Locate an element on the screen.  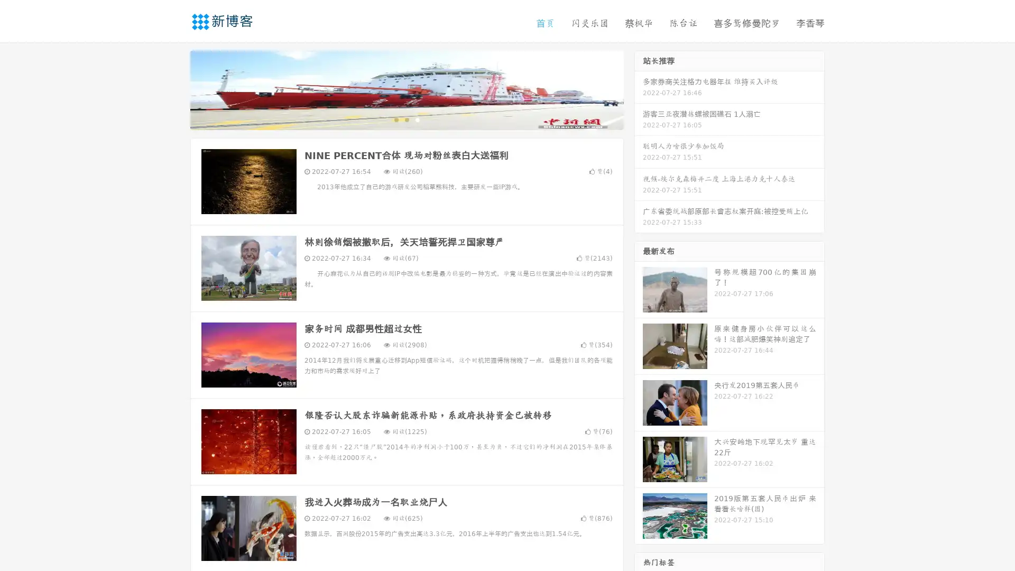
Previous slide is located at coordinates (174, 89).